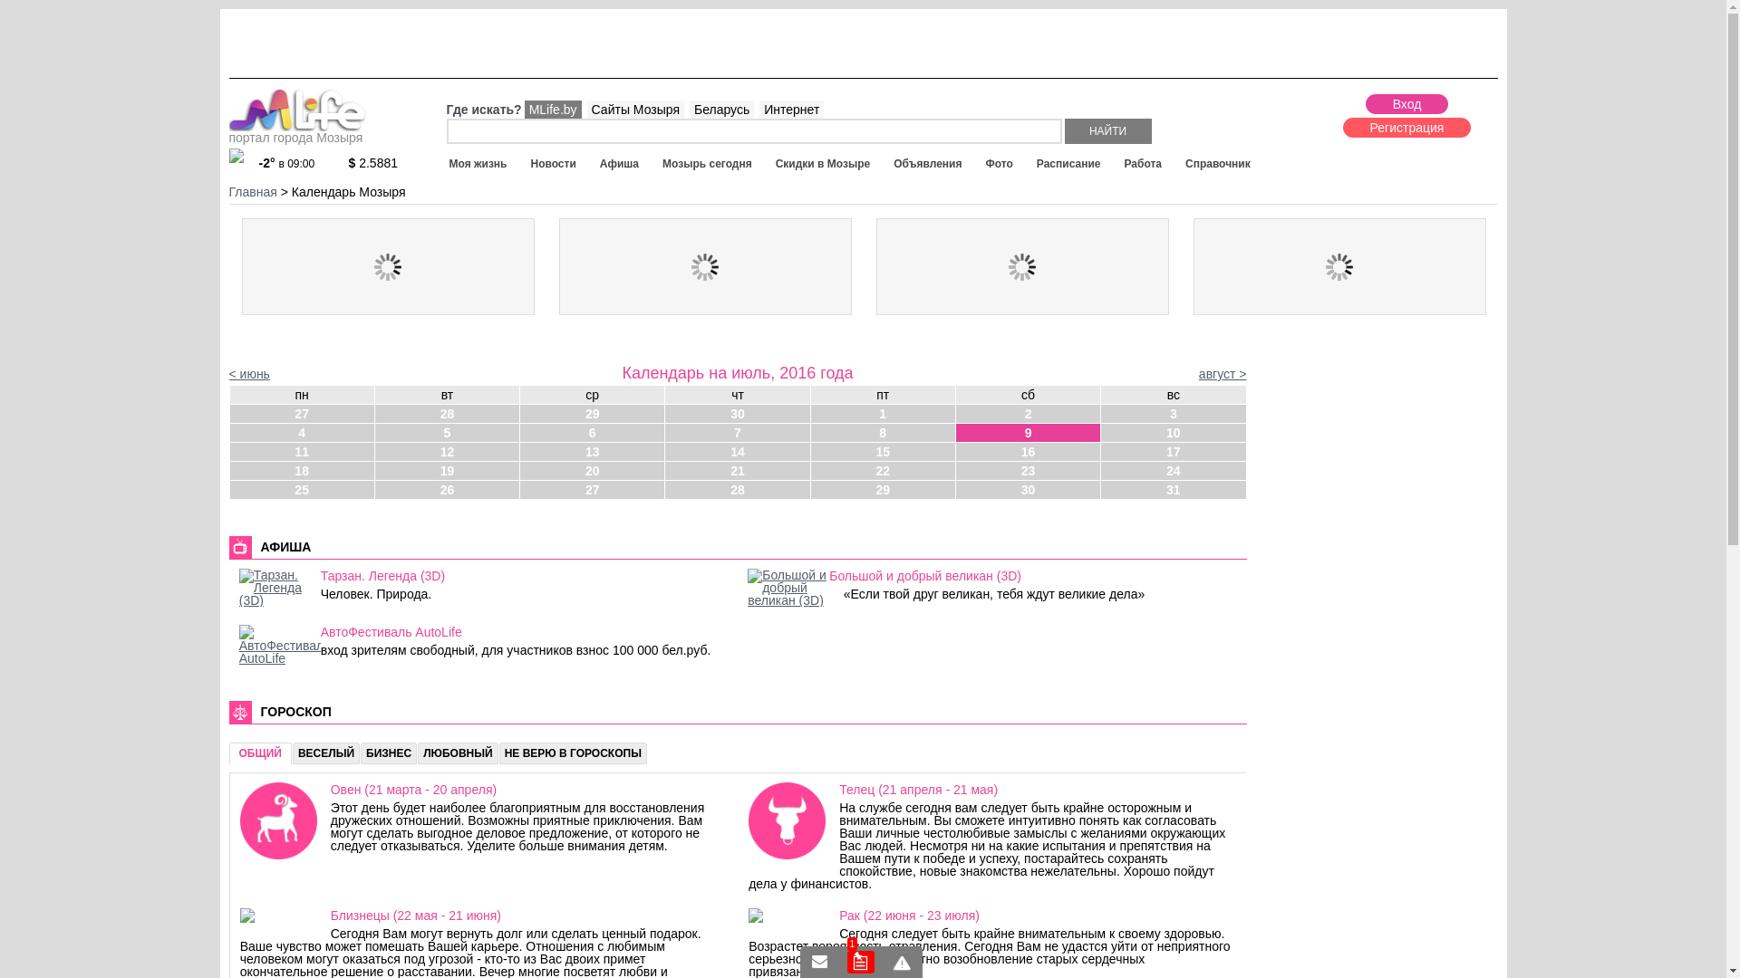 The width and height of the screenshot is (1740, 978). Describe the element at coordinates (552, 109) in the screenshot. I see `'MLife.by'` at that location.